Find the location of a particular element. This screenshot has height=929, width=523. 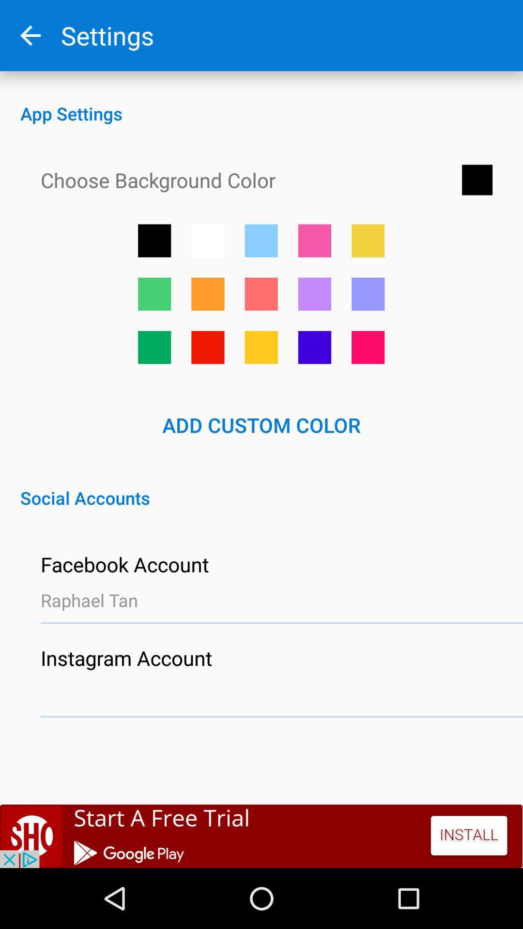

click button is located at coordinates (261, 347).